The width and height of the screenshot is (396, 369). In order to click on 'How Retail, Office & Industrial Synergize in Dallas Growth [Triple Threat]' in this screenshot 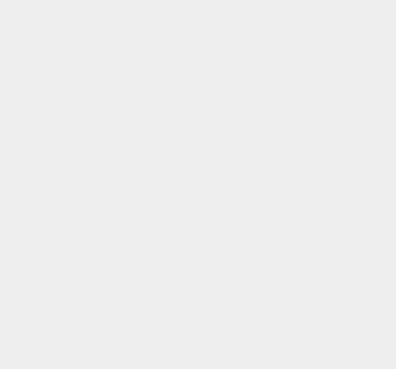, I will do `click(293, 92)`.